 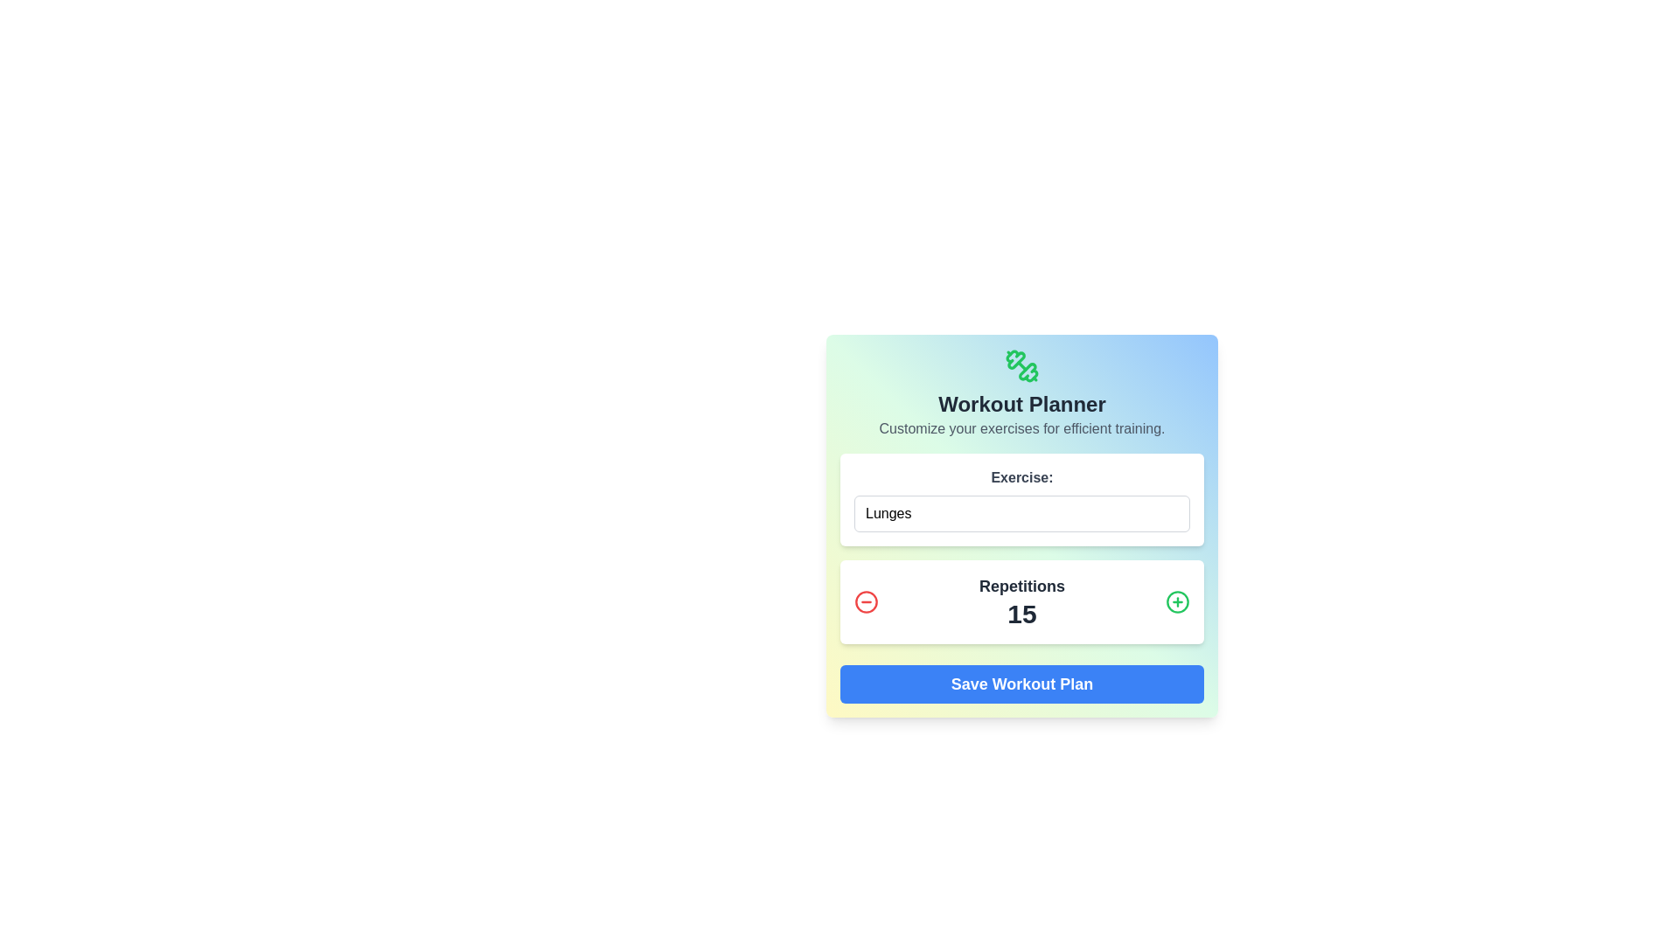 I want to click on the submission button located at the bottom of the workout planner panel, so click(x=1022, y=684).